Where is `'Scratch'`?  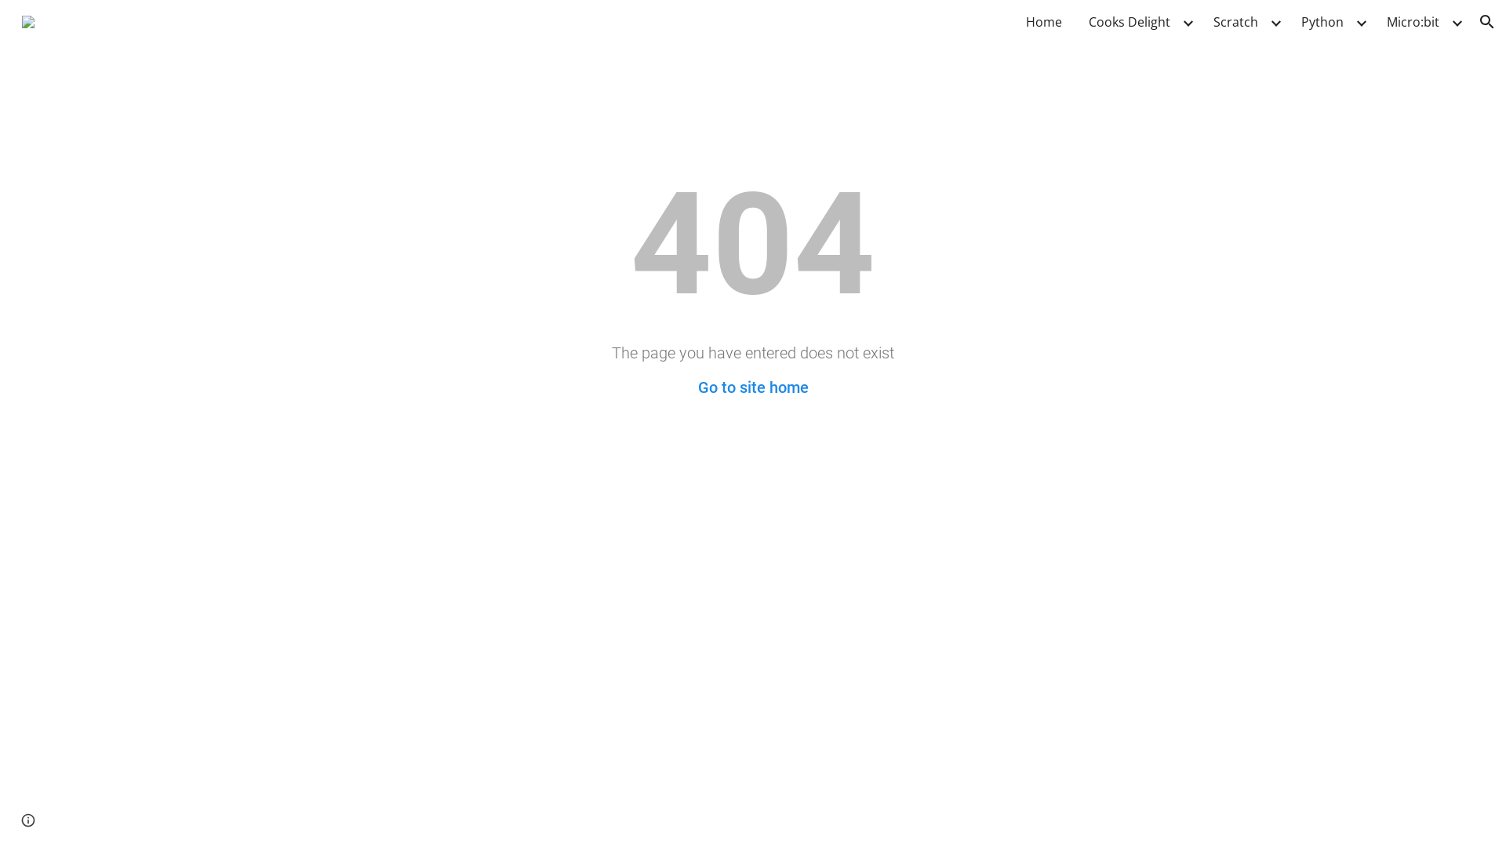
'Scratch' is located at coordinates (1235, 21).